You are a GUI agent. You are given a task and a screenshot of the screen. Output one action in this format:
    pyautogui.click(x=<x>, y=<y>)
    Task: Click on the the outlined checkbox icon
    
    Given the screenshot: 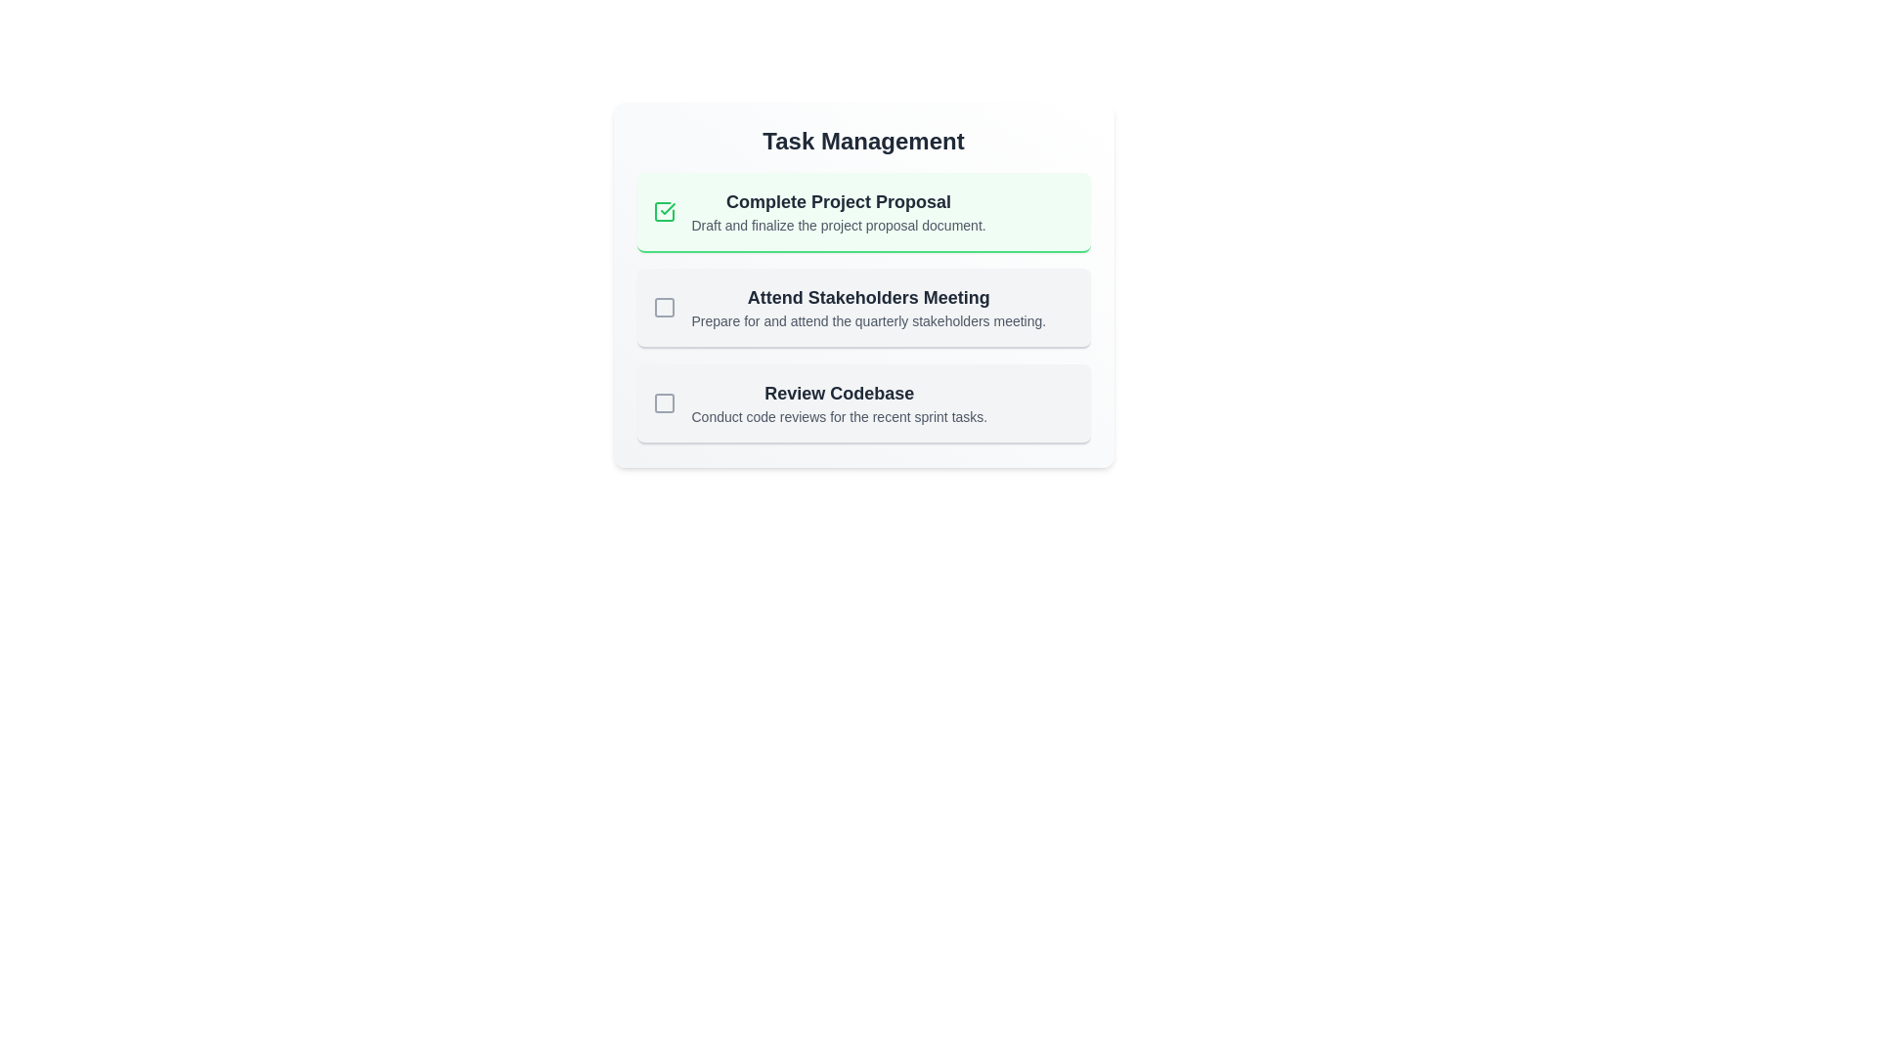 What is the action you would take?
    pyautogui.click(x=664, y=308)
    